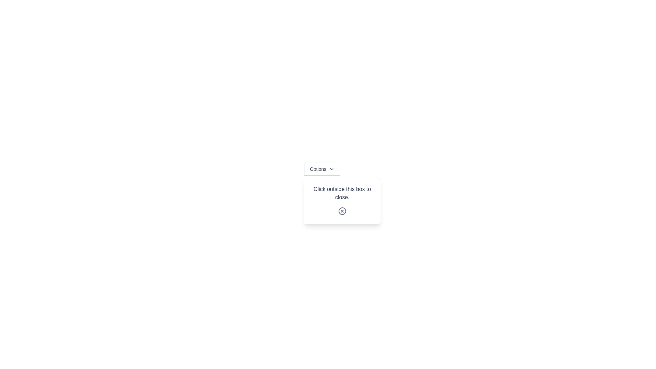 This screenshot has width=656, height=369. What do you see at coordinates (332, 169) in the screenshot?
I see `the icon next to the 'Options' button` at bounding box center [332, 169].